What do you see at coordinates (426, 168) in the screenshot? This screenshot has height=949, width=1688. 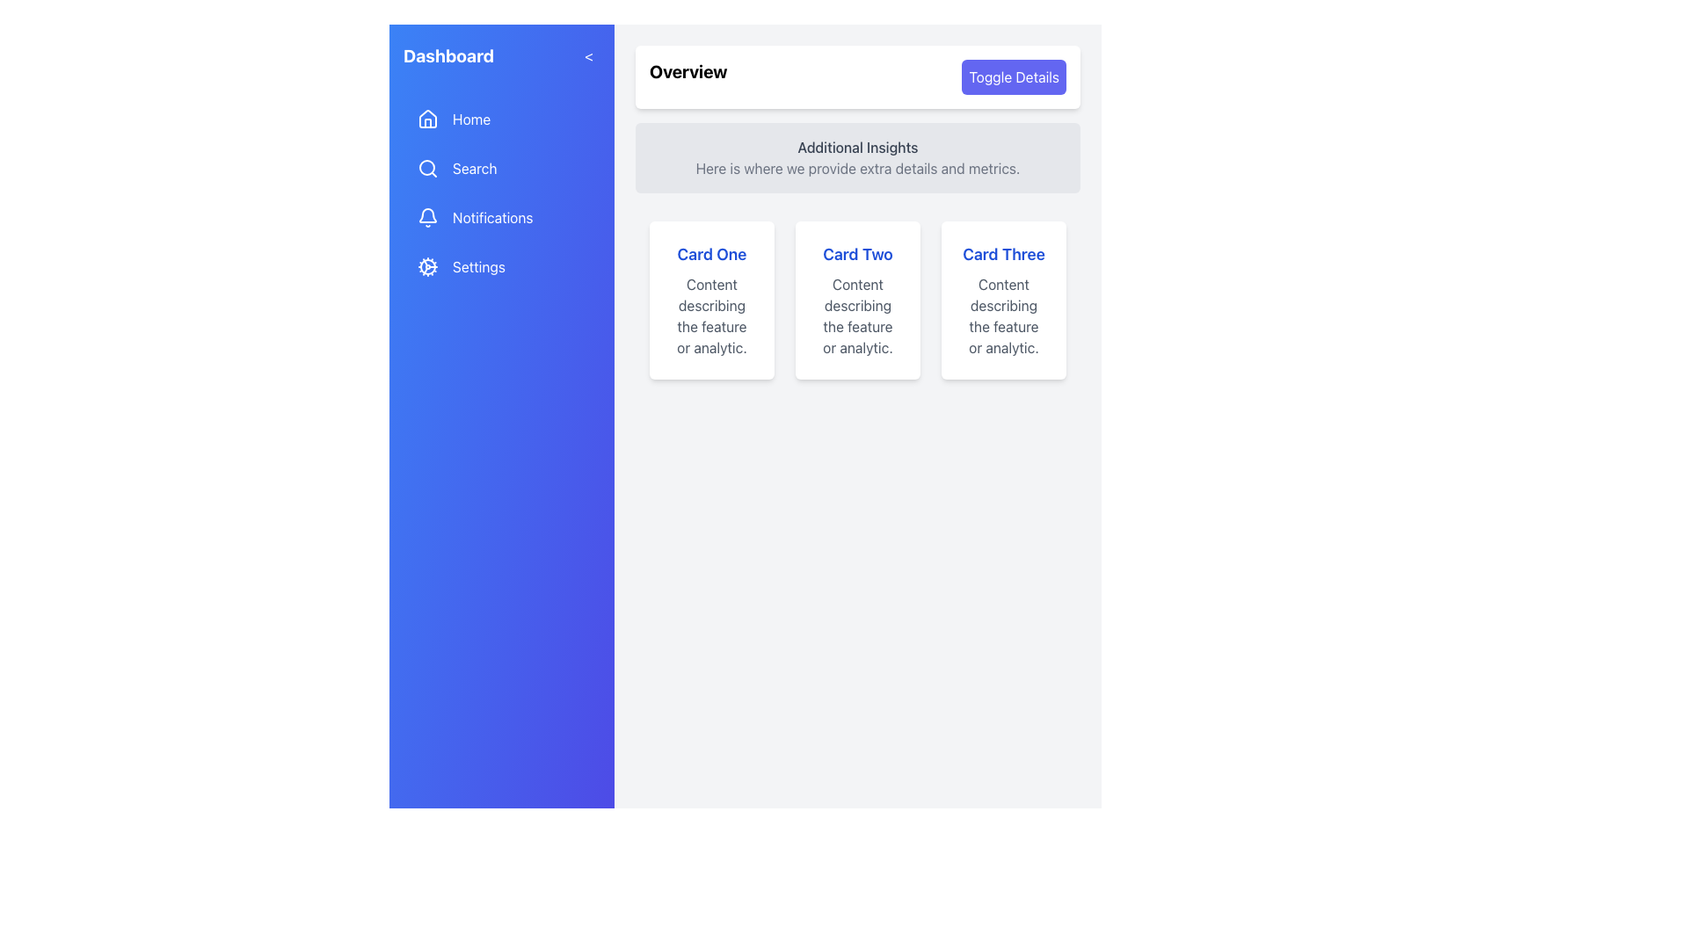 I see `the circular part of the search icon located in the vertical navigation menu on the left side of the interface` at bounding box center [426, 168].